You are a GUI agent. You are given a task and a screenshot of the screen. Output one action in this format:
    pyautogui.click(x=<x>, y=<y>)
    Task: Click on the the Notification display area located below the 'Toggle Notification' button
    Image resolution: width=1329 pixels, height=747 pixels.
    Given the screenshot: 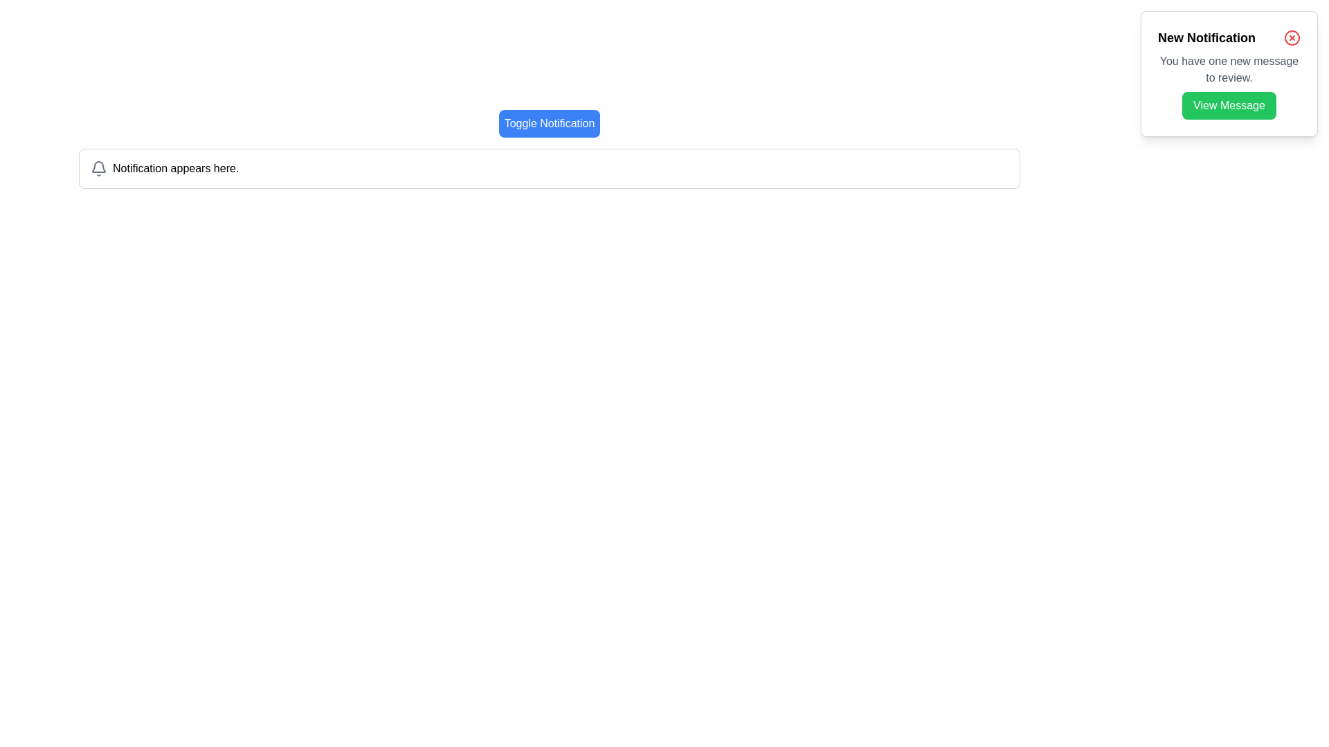 What is the action you would take?
    pyautogui.click(x=548, y=167)
    